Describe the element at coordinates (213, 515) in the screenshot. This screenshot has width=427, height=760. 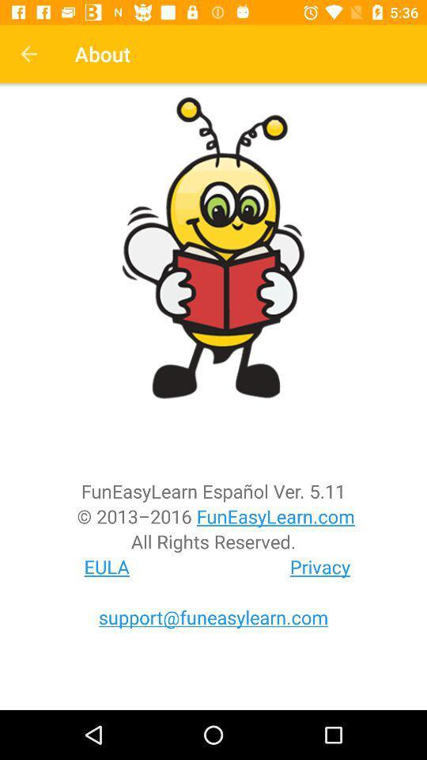
I see `the item above all rights reserved. item` at that location.